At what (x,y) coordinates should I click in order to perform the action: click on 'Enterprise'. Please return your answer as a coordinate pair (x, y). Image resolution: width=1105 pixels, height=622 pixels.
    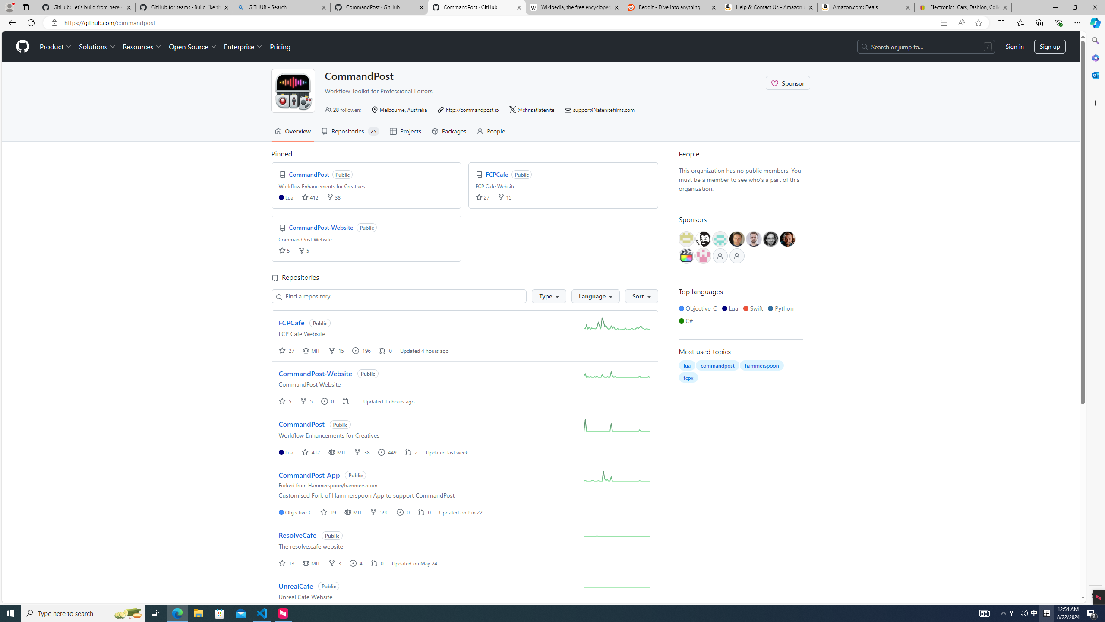
    Looking at the image, I should click on (243, 46).